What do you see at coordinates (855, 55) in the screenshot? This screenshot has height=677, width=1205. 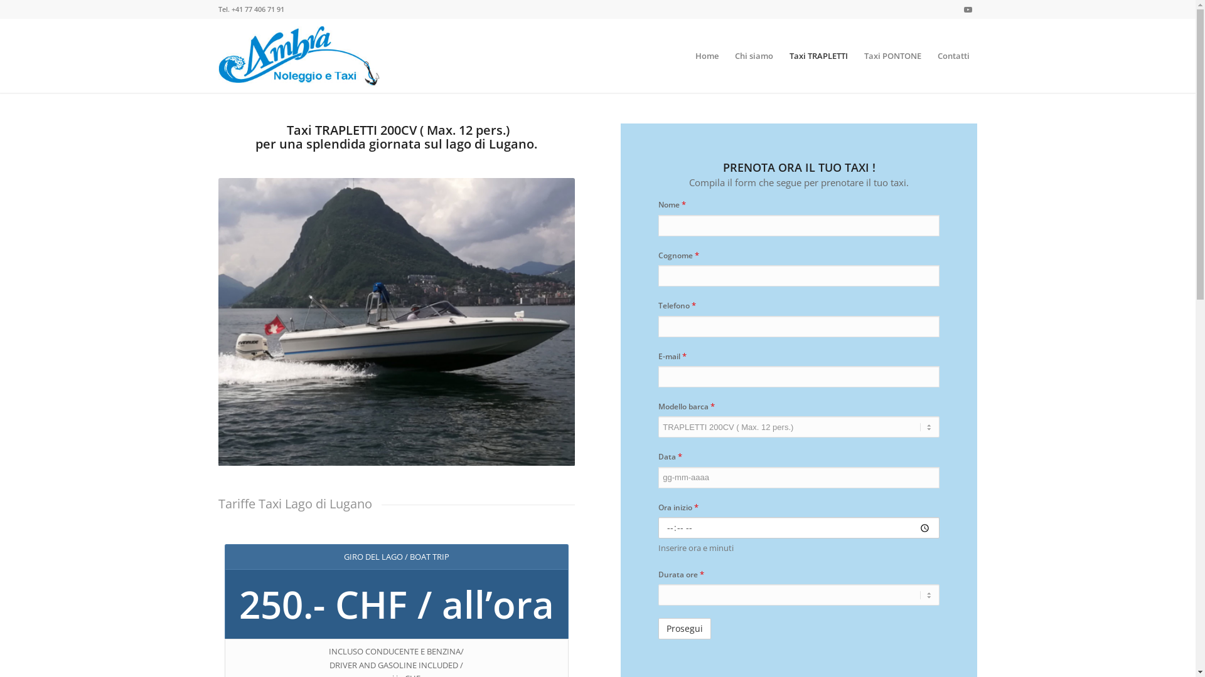 I see `'Taxi PONTONE'` at bounding box center [855, 55].